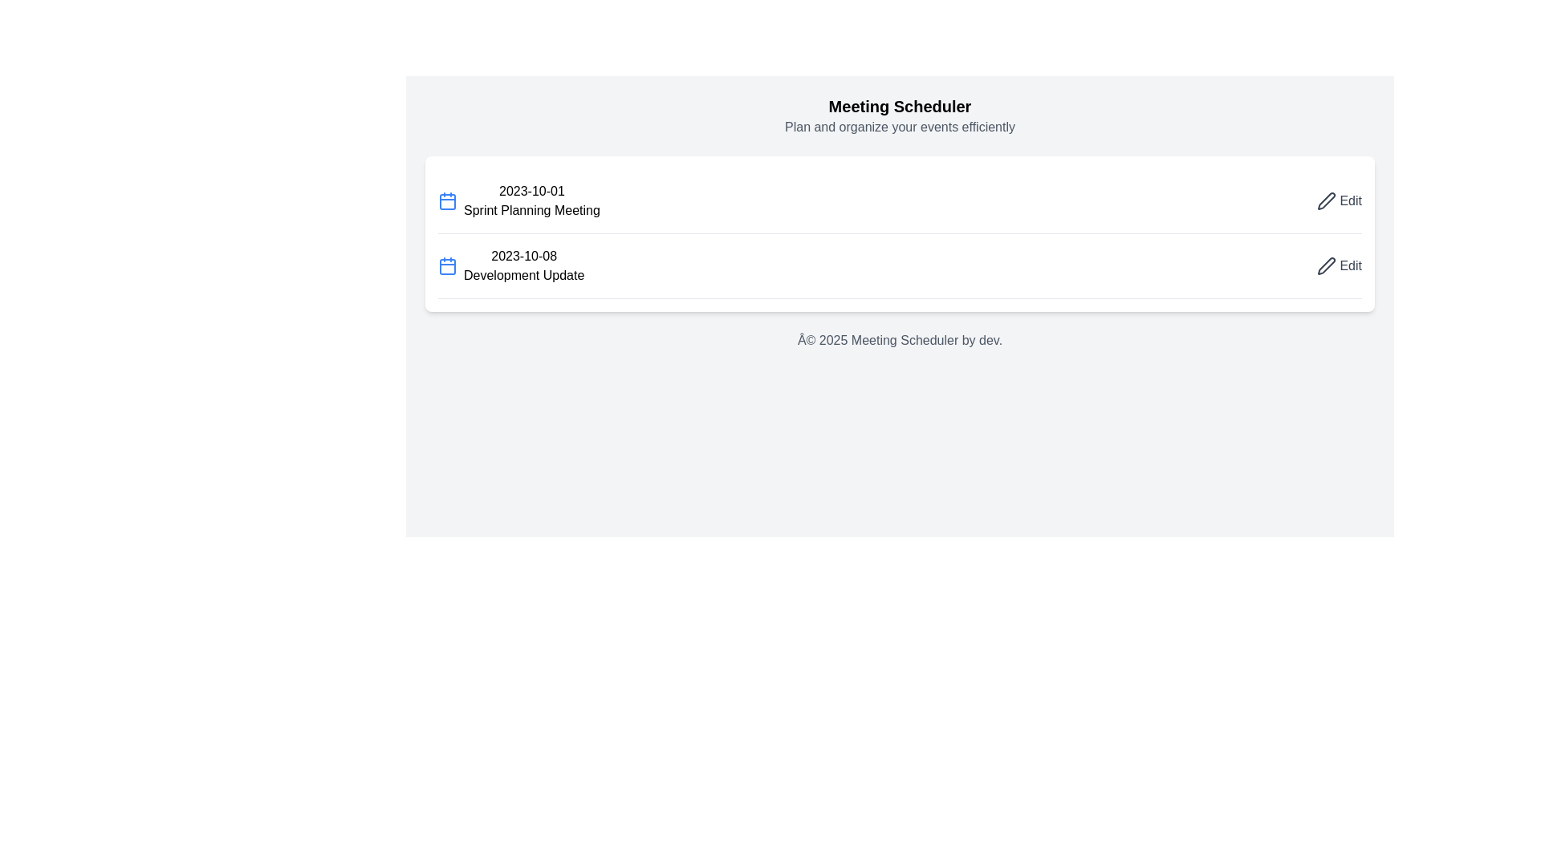  Describe the element at coordinates (447, 200) in the screenshot. I see `the rectangular box with rounded corners, styled in a blue outline, which is located within the calendar icon to the left of the text '2023-10-01 Sprint Planning Meeting'` at that location.